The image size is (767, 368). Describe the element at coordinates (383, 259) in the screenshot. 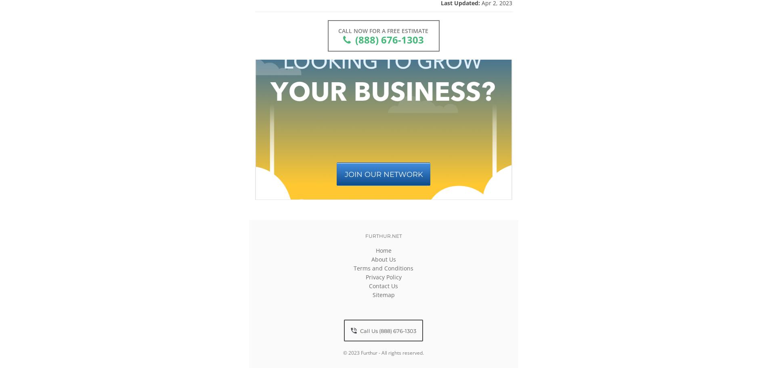

I see `'About Us'` at that location.